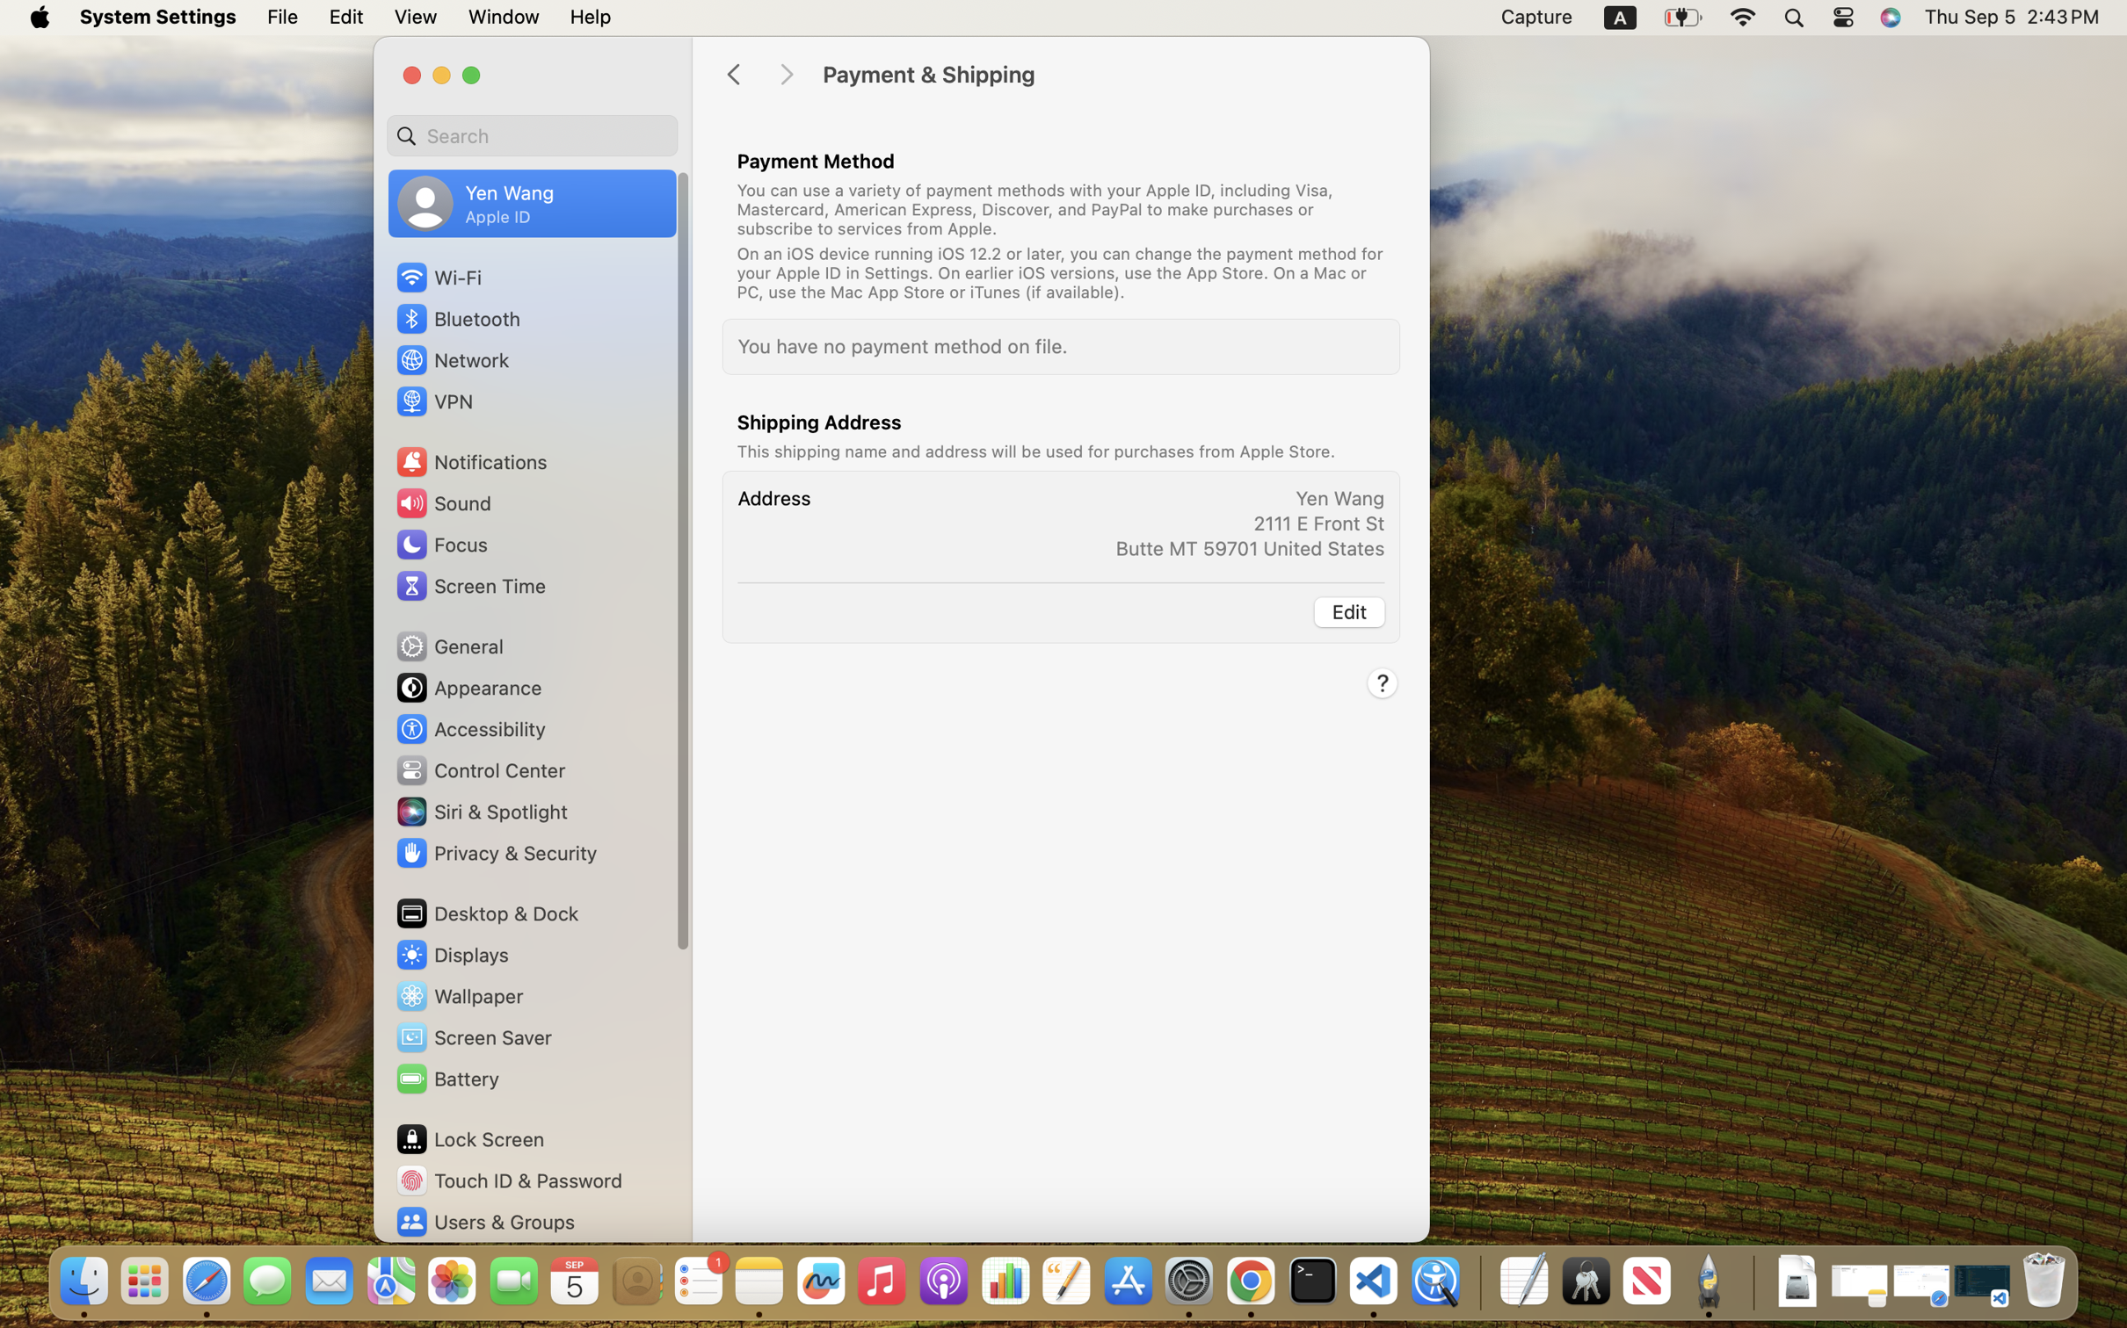 The image size is (2127, 1328). Describe the element at coordinates (451, 955) in the screenshot. I see `'Displays'` at that location.